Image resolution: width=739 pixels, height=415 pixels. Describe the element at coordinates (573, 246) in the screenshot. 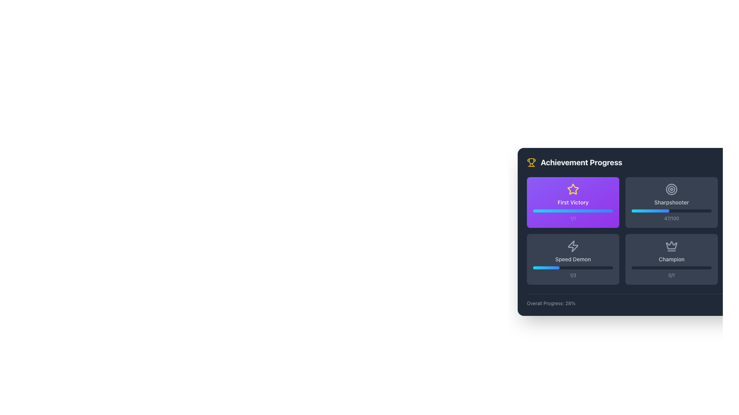

I see `the stylized gray lightning bolt icon located in the bottom-left quadrant of the 'Achievement Progress' module, specifically in the 'Speed Demon' section` at that location.